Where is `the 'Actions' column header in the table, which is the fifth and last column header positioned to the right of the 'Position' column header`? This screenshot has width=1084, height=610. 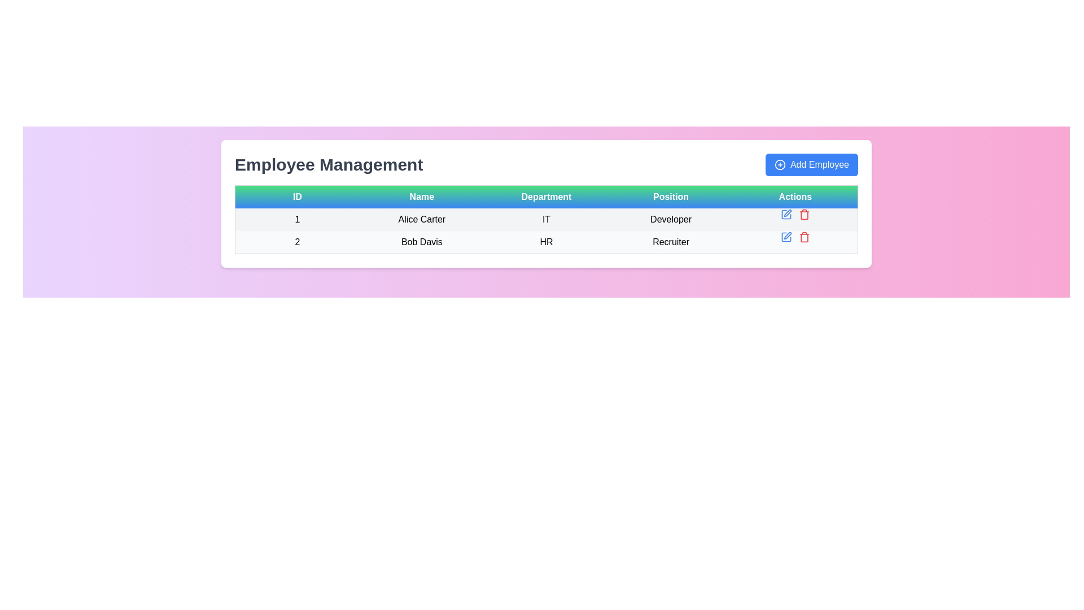 the 'Actions' column header in the table, which is the fifth and last column header positioned to the right of the 'Position' column header is located at coordinates (795, 196).